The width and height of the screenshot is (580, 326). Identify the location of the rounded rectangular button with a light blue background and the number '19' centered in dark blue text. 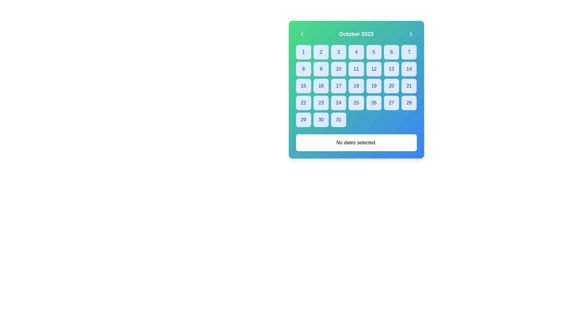
(373, 86).